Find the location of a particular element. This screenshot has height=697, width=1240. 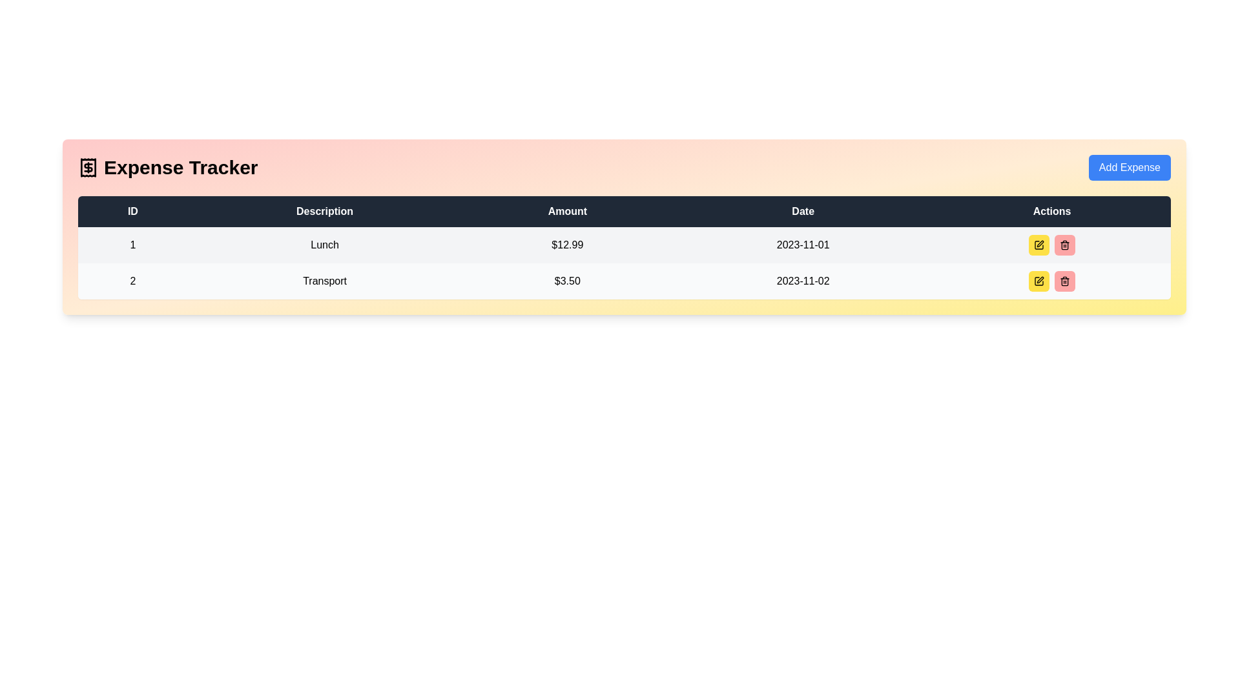

the yellow edit button with a pen icon located in the 'Actions' column of the second row of the expenses table is located at coordinates (1038, 280).